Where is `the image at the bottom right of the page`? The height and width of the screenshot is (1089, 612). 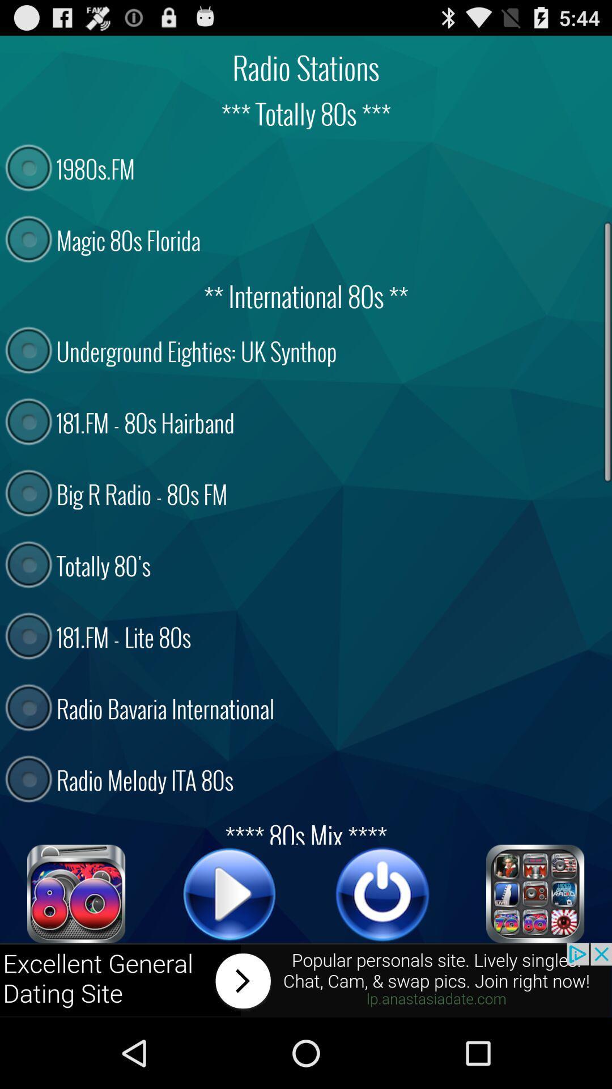
the image at the bottom right of the page is located at coordinates (535, 893).